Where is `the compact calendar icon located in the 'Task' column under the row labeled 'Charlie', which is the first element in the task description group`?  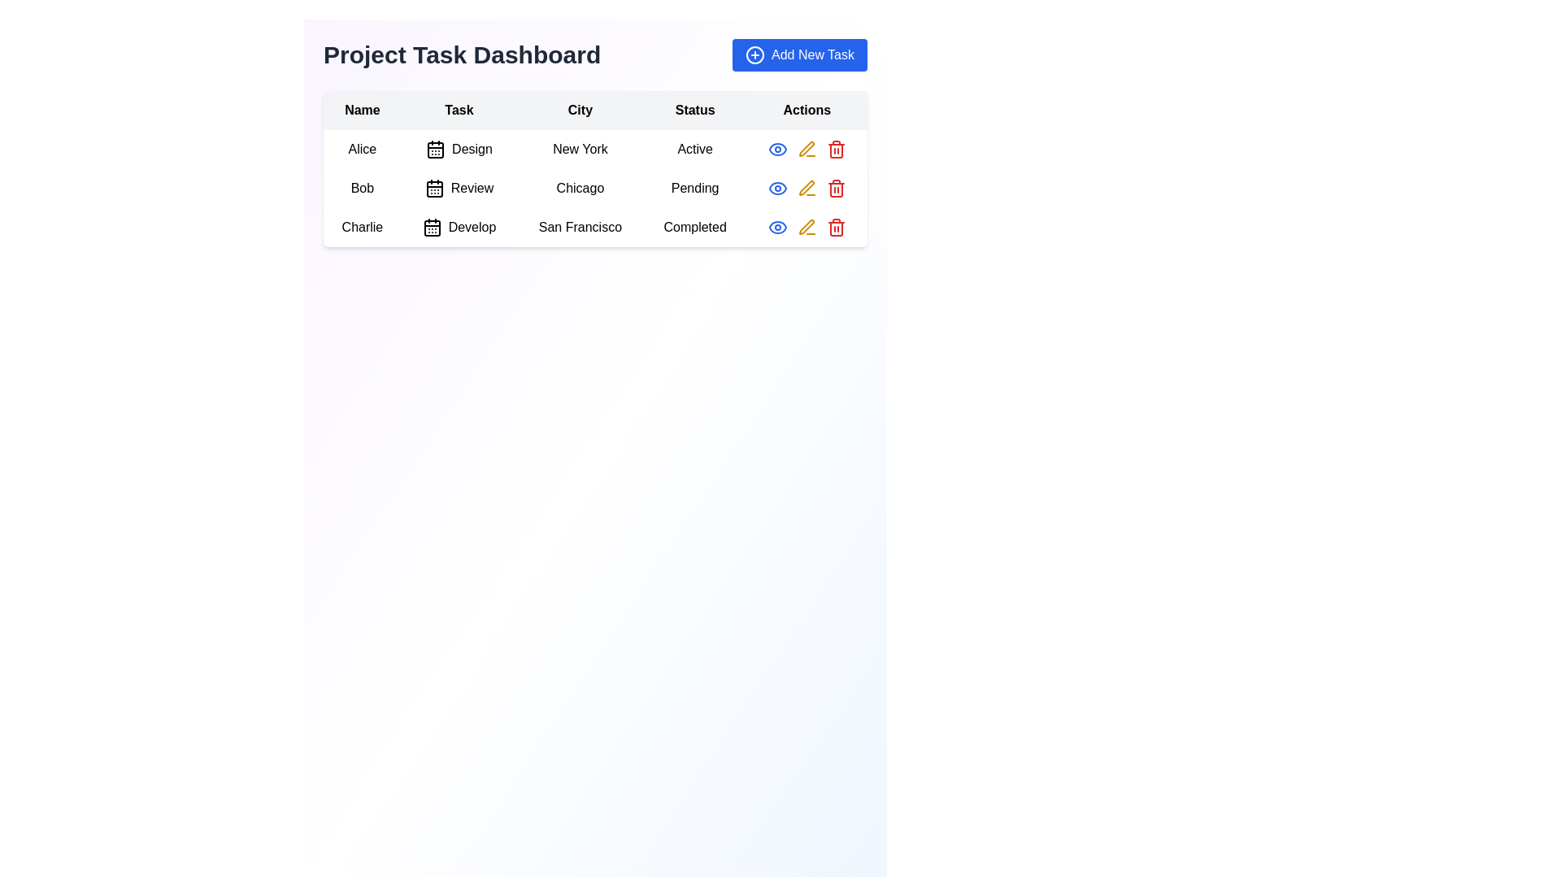 the compact calendar icon located in the 'Task' column under the row labeled 'Charlie', which is the first element in the task description group is located at coordinates (432, 228).